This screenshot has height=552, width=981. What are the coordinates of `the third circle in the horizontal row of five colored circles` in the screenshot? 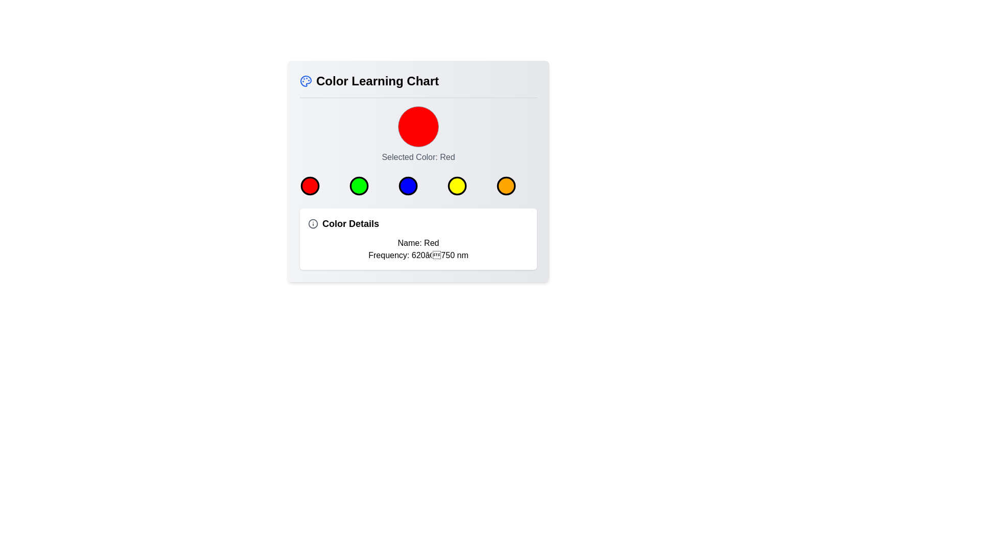 It's located at (418, 188).